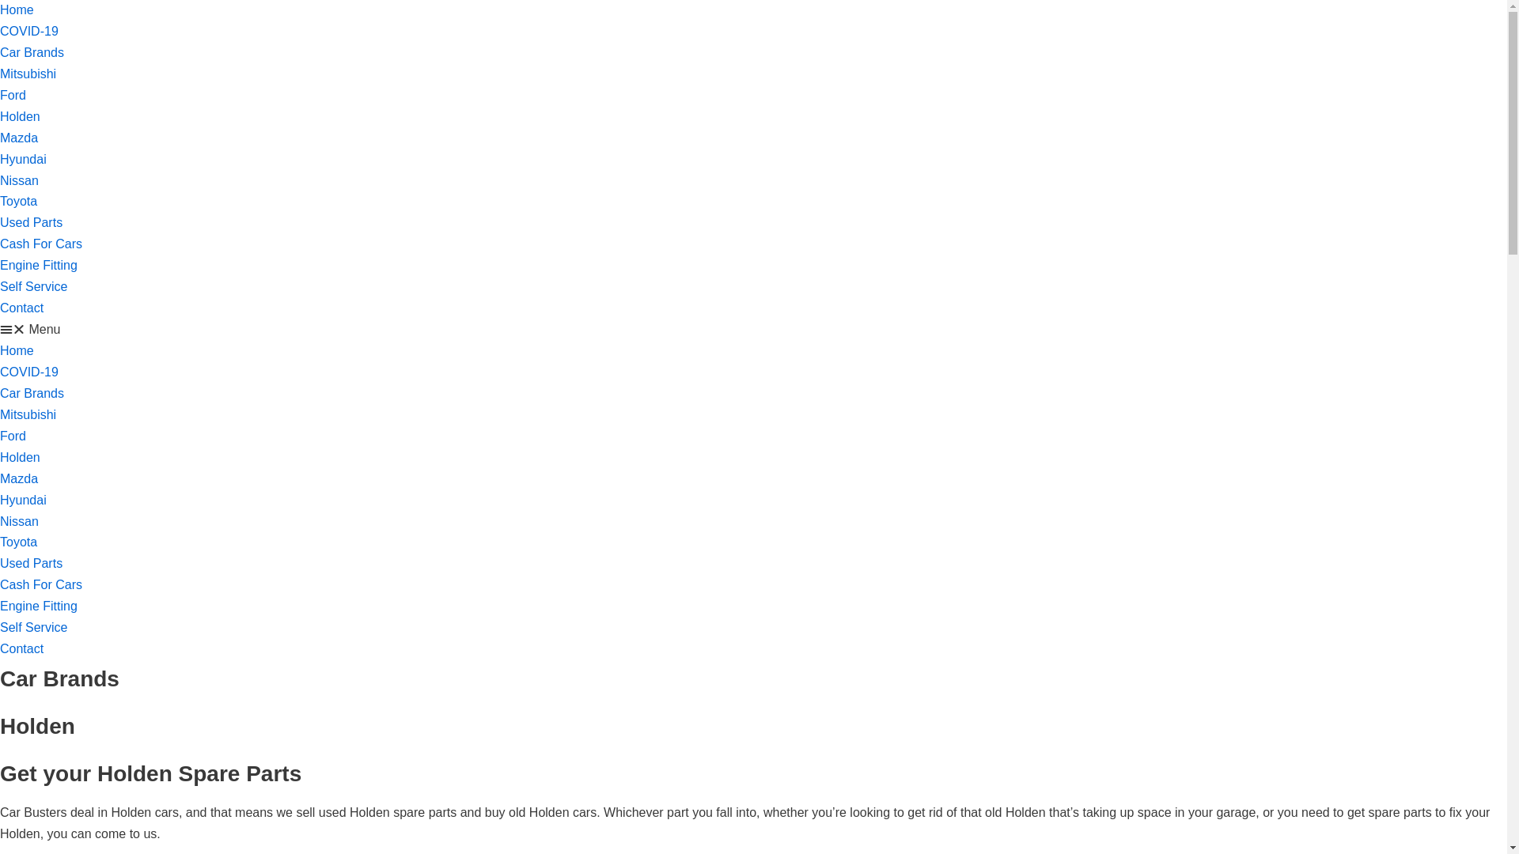 Image resolution: width=1519 pixels, height=854 pixels. I want to click on 'Self Service', so click(33, 626).